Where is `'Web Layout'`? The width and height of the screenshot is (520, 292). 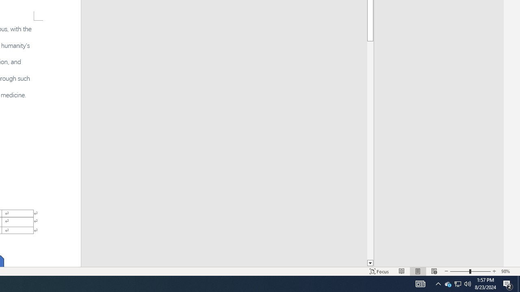 'Web Layout' is located at coordinates (434, 271).